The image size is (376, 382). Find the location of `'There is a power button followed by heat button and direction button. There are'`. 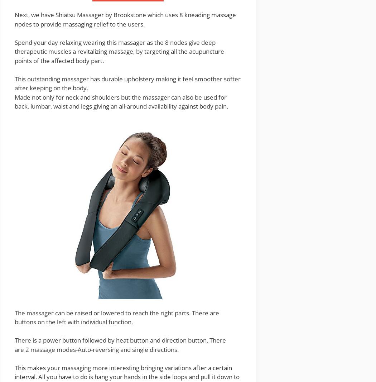

'There is a power button followed by heat button and direction button. There are' is located at coordinates (120, 344).